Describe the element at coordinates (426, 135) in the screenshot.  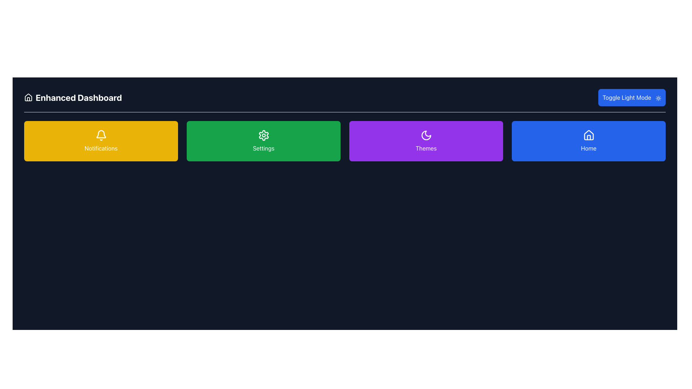
I see `the moon-shaped icon which is centrally positioned within the purple 'Themes' button` at that location.